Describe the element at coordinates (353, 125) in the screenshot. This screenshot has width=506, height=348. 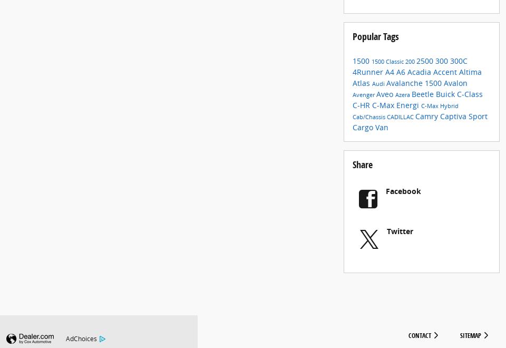
I see `'Cab/Chassis'` at that location.